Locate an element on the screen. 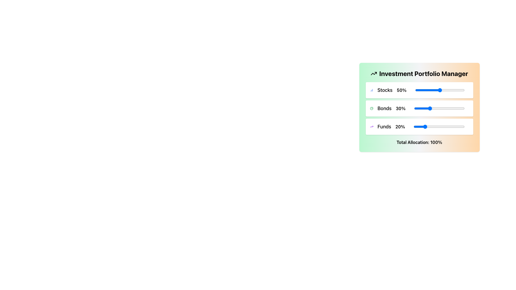 The image size is (516, 290). the track of the slider labeled 'Stocks 50%' to jump to a value in the investment portfolio interface is located at coordinates (419, 90).